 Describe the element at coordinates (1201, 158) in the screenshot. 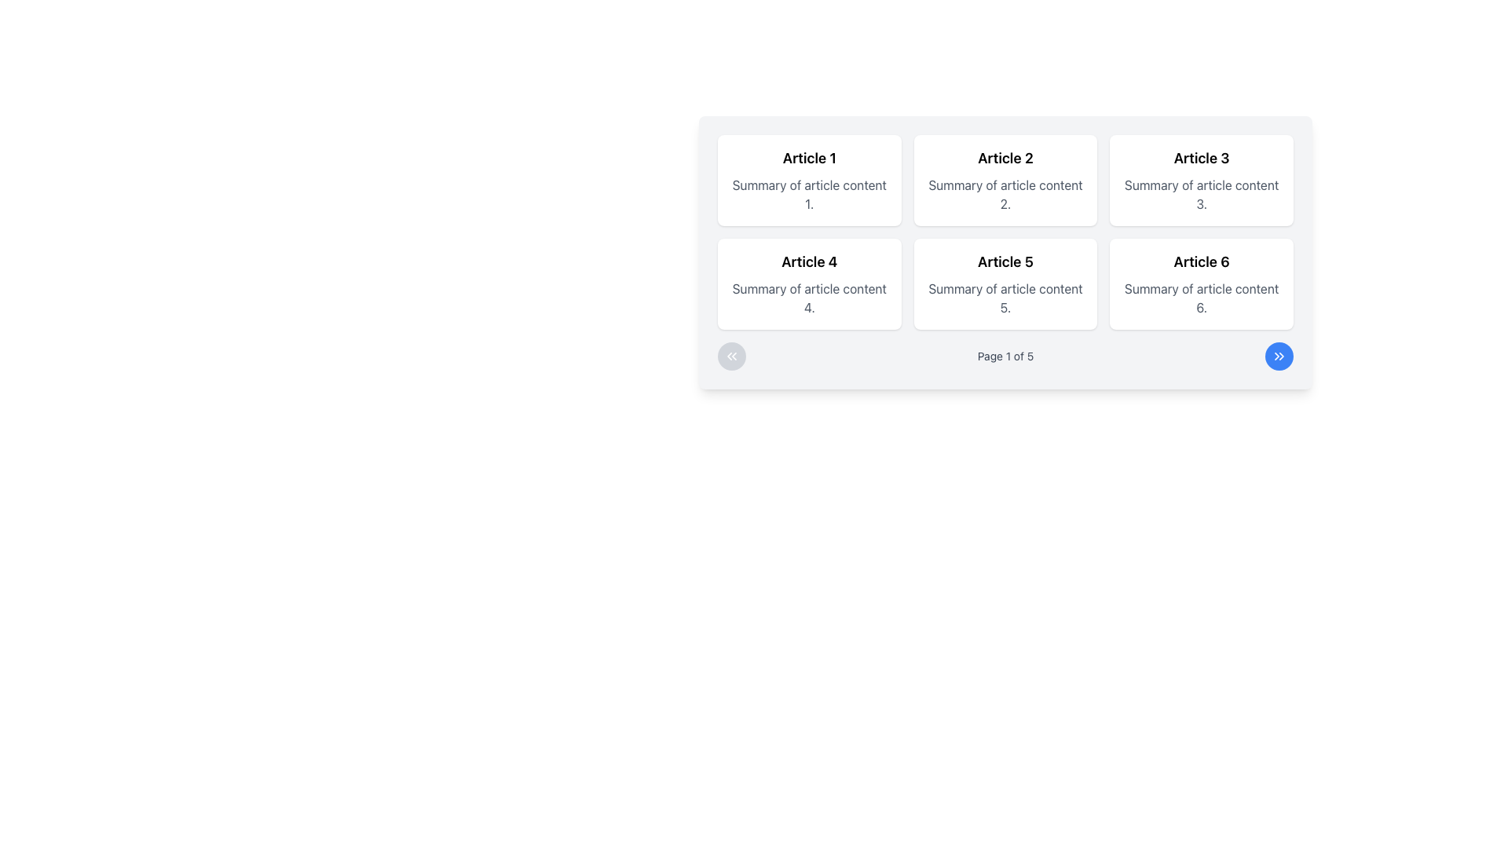

I see `the bold, large text reading 'Article 3' at the top center of the main content within a rectangular card, which is the title of the third grid item in the top row` at that location.